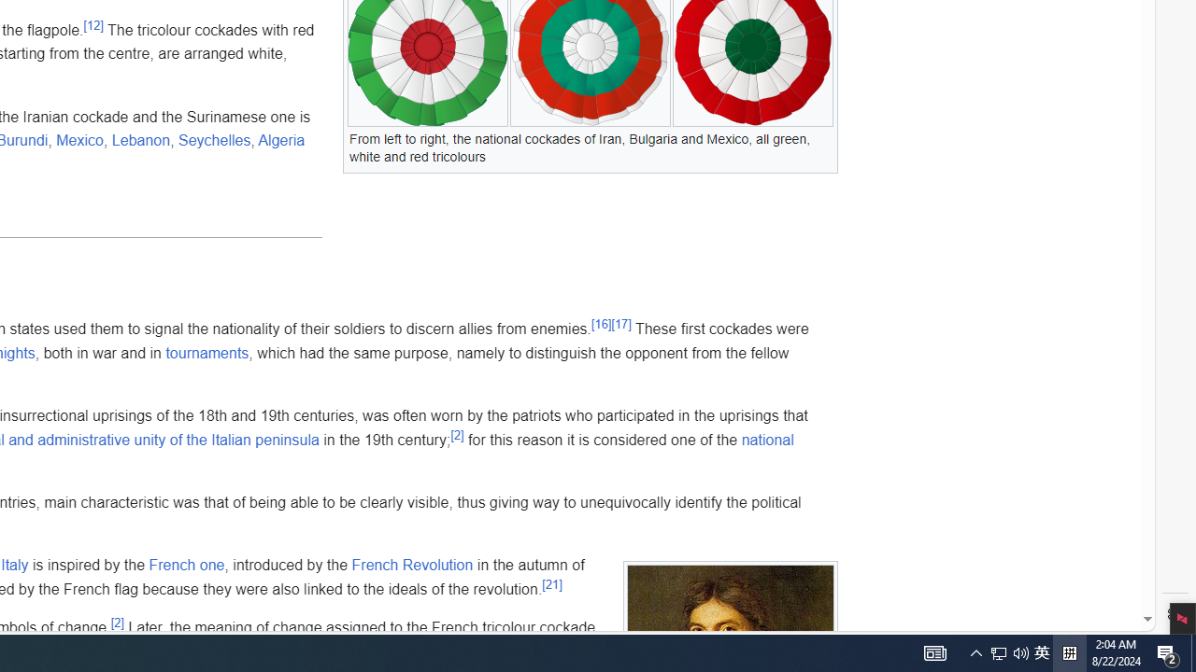 The image size is (1196, 672). Describe the element at coordinates (550, 583) in the screenshot. I see `'[21]'` at that location.